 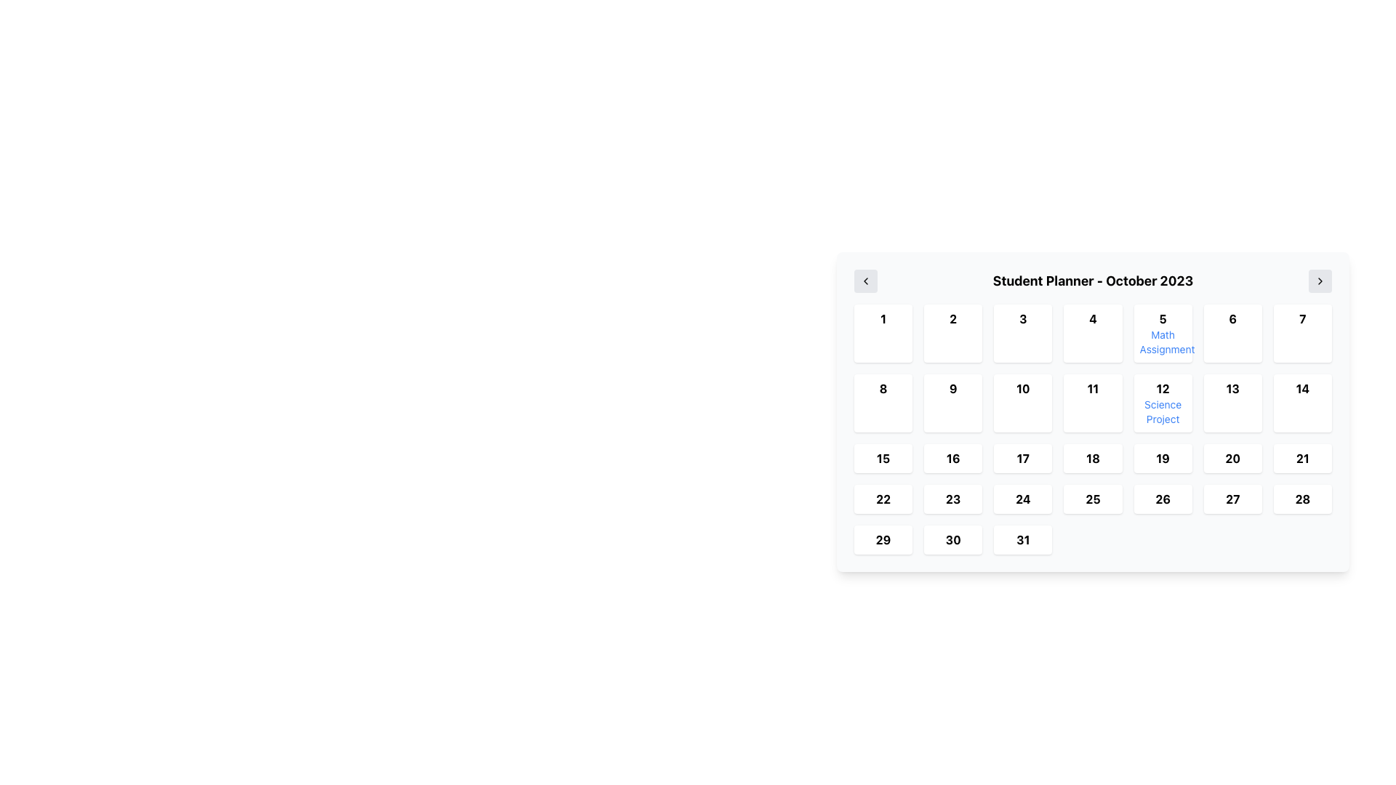 What do you see at coordinates (882, 459) in the screenshot?
I see `the Calendar Day Cell in the 'Student Planner' interface located in the third row and first column of the grid` at bounding box center [882, 459].